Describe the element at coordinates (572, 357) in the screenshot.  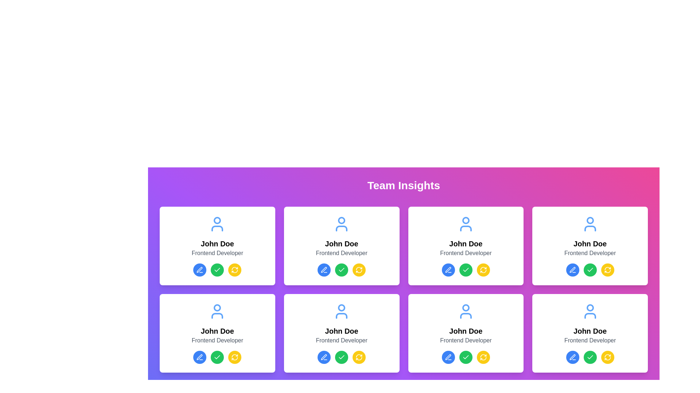
I see `the edit button, which is a small pen icon within a circular blue button located at the bottom-left corner of the card layout in the fourth column of the second row` at that location.